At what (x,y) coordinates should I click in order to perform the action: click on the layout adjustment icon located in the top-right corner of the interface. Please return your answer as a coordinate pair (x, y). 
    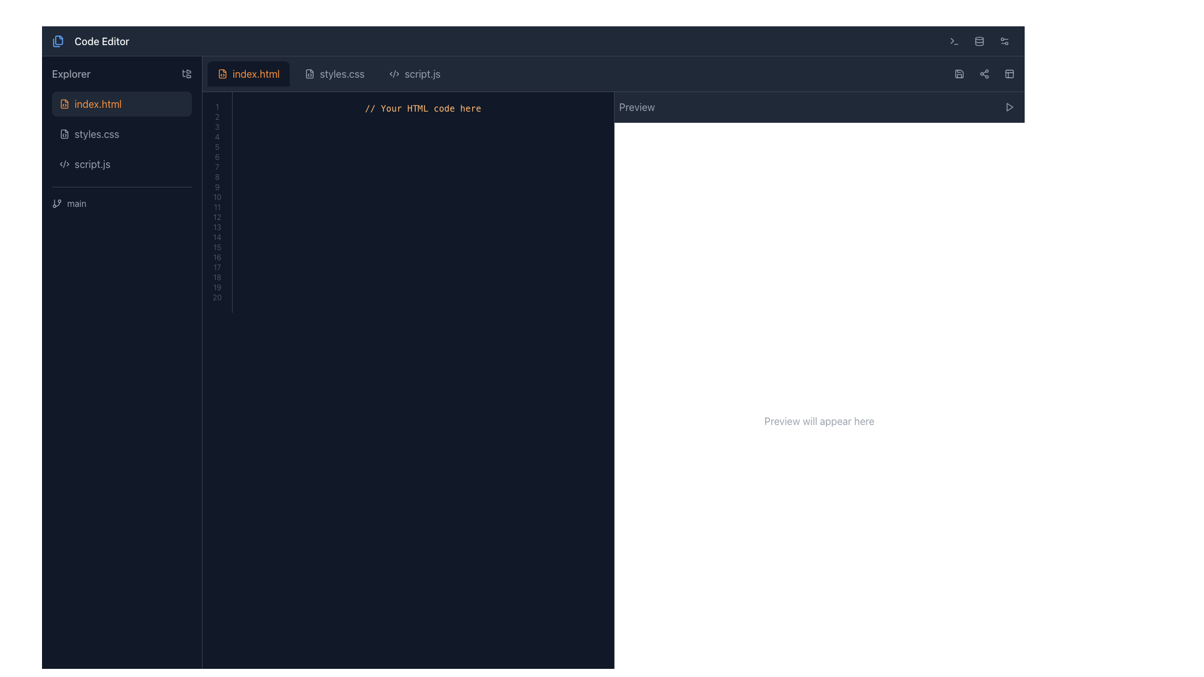
    Looking at the image, I should click on (1009, 74).